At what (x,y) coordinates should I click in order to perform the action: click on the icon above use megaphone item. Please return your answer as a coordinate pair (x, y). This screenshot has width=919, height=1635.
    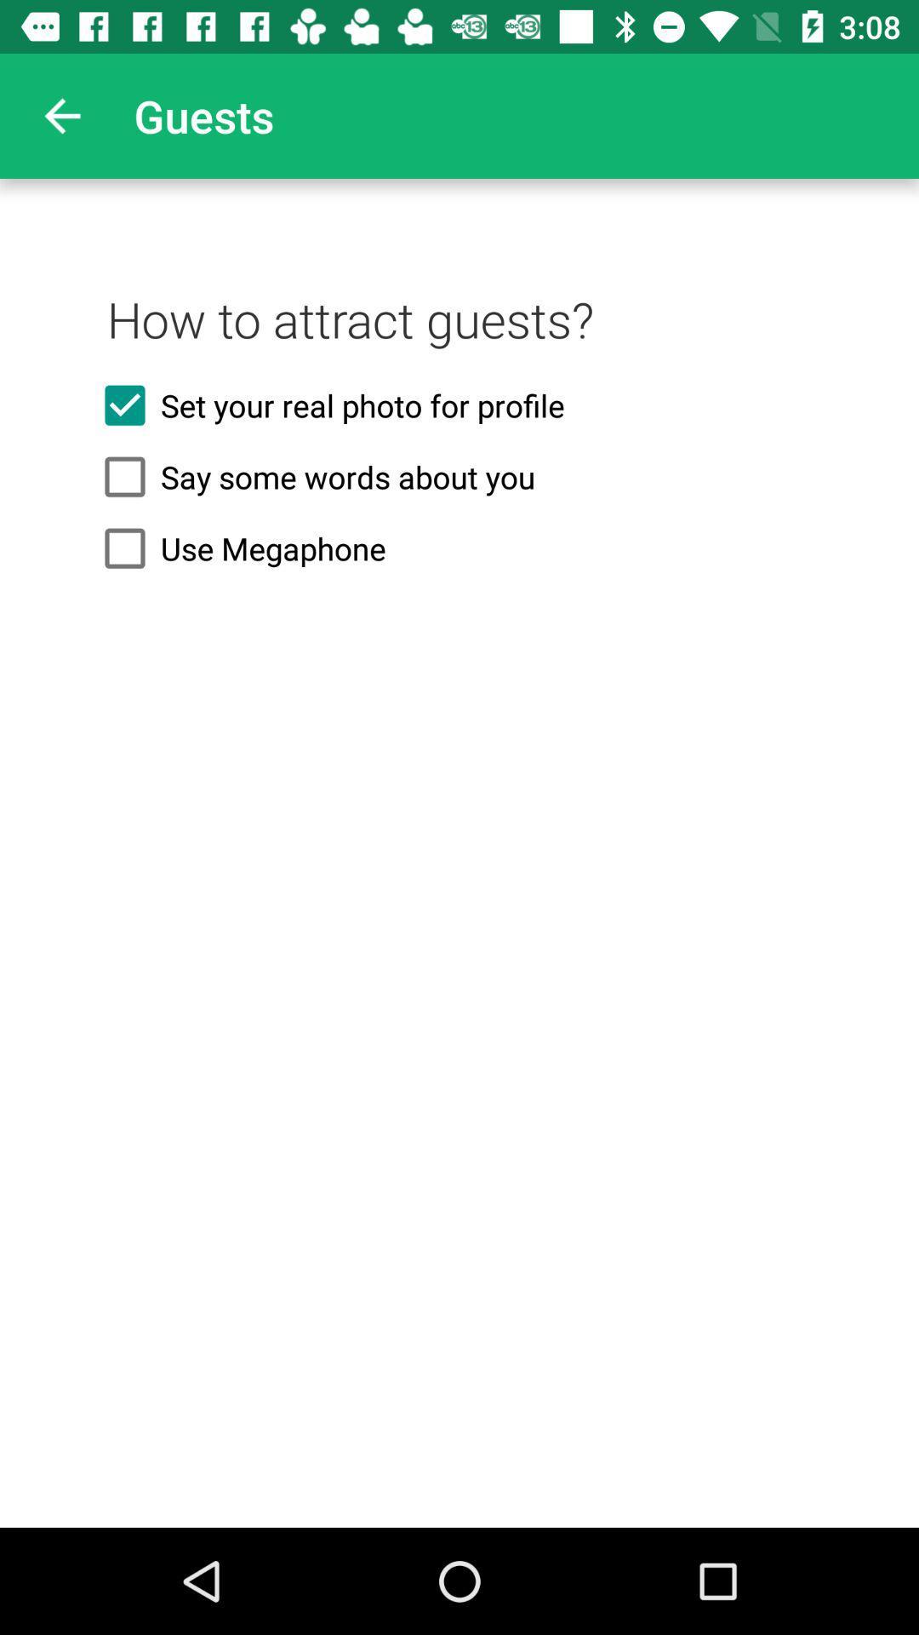
    Looking at the image, I should click on (459, 477).